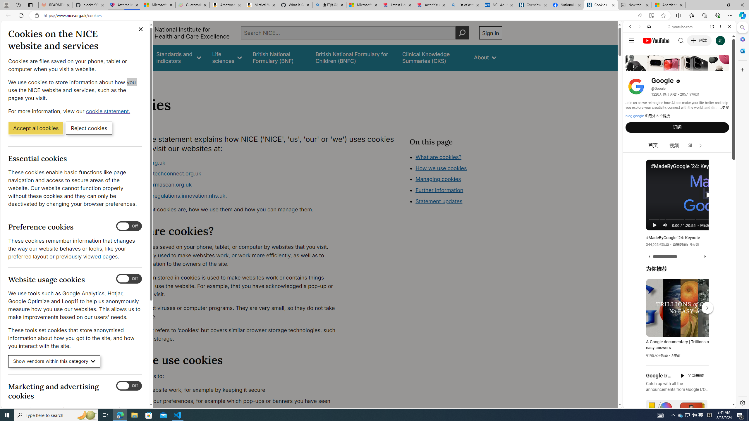  What do you see at coordinates (712, 26) in the screenshot?
I see `'Open link in new tab'` at bounding box center [712, 26].